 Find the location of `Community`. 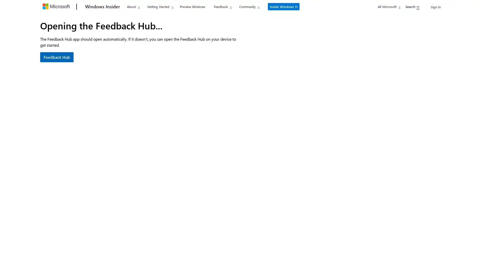

Community is located at coordinates (249, 7).